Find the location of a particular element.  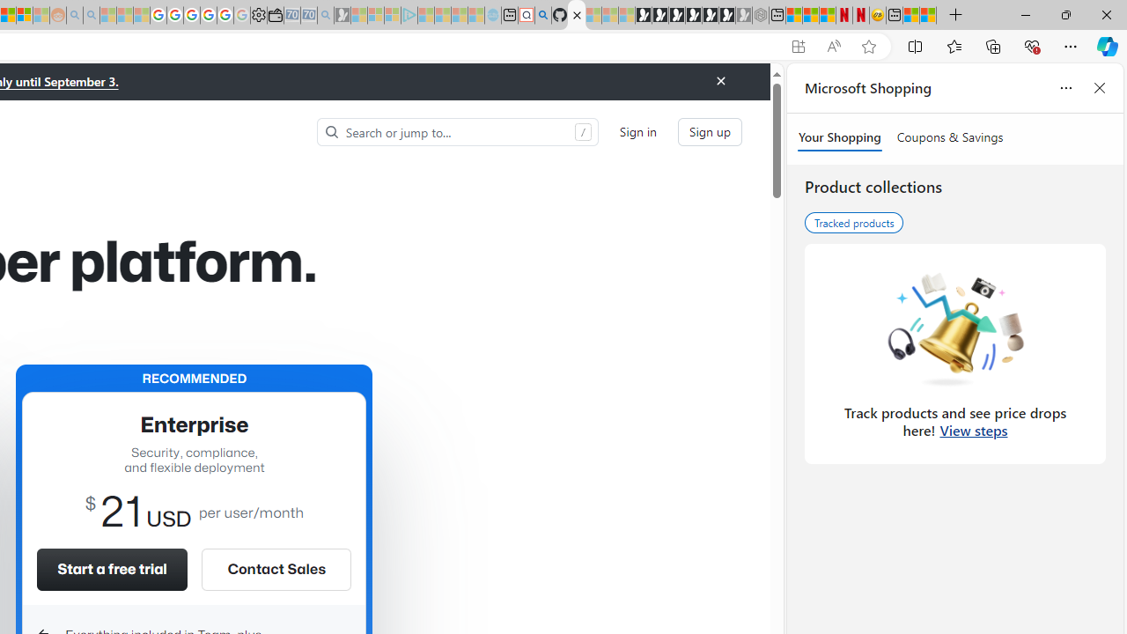

'Contact Sales' is located at coordinates (275, 569).